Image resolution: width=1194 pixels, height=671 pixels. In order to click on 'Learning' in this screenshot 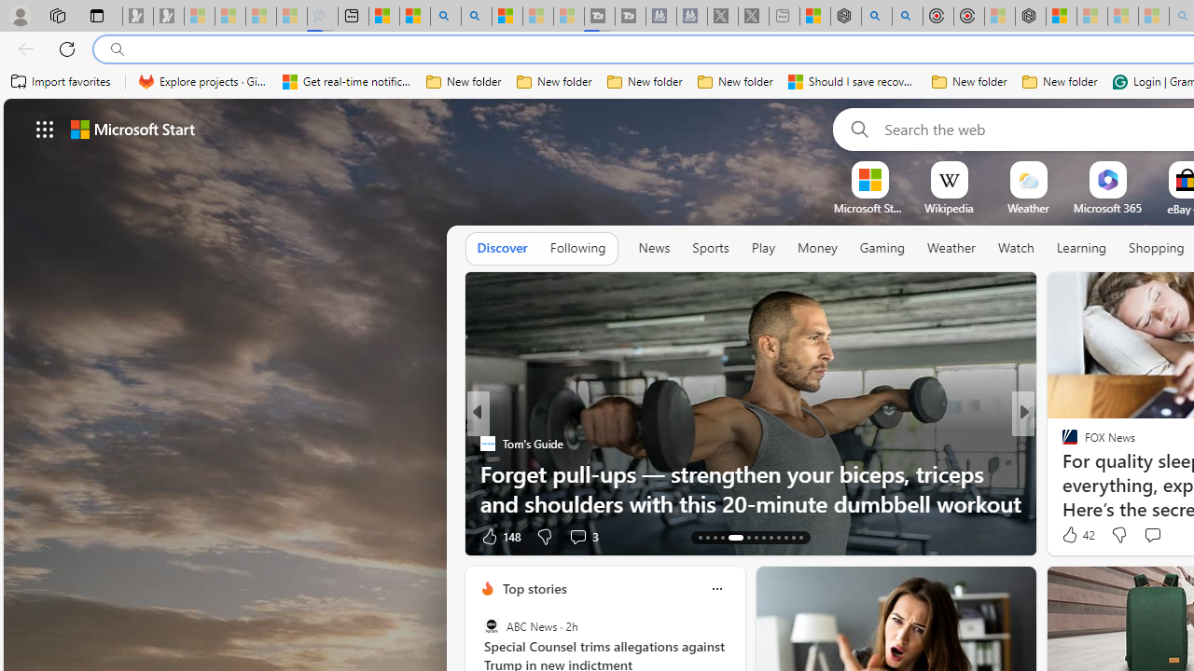, I will do `click(1081, 248)`.